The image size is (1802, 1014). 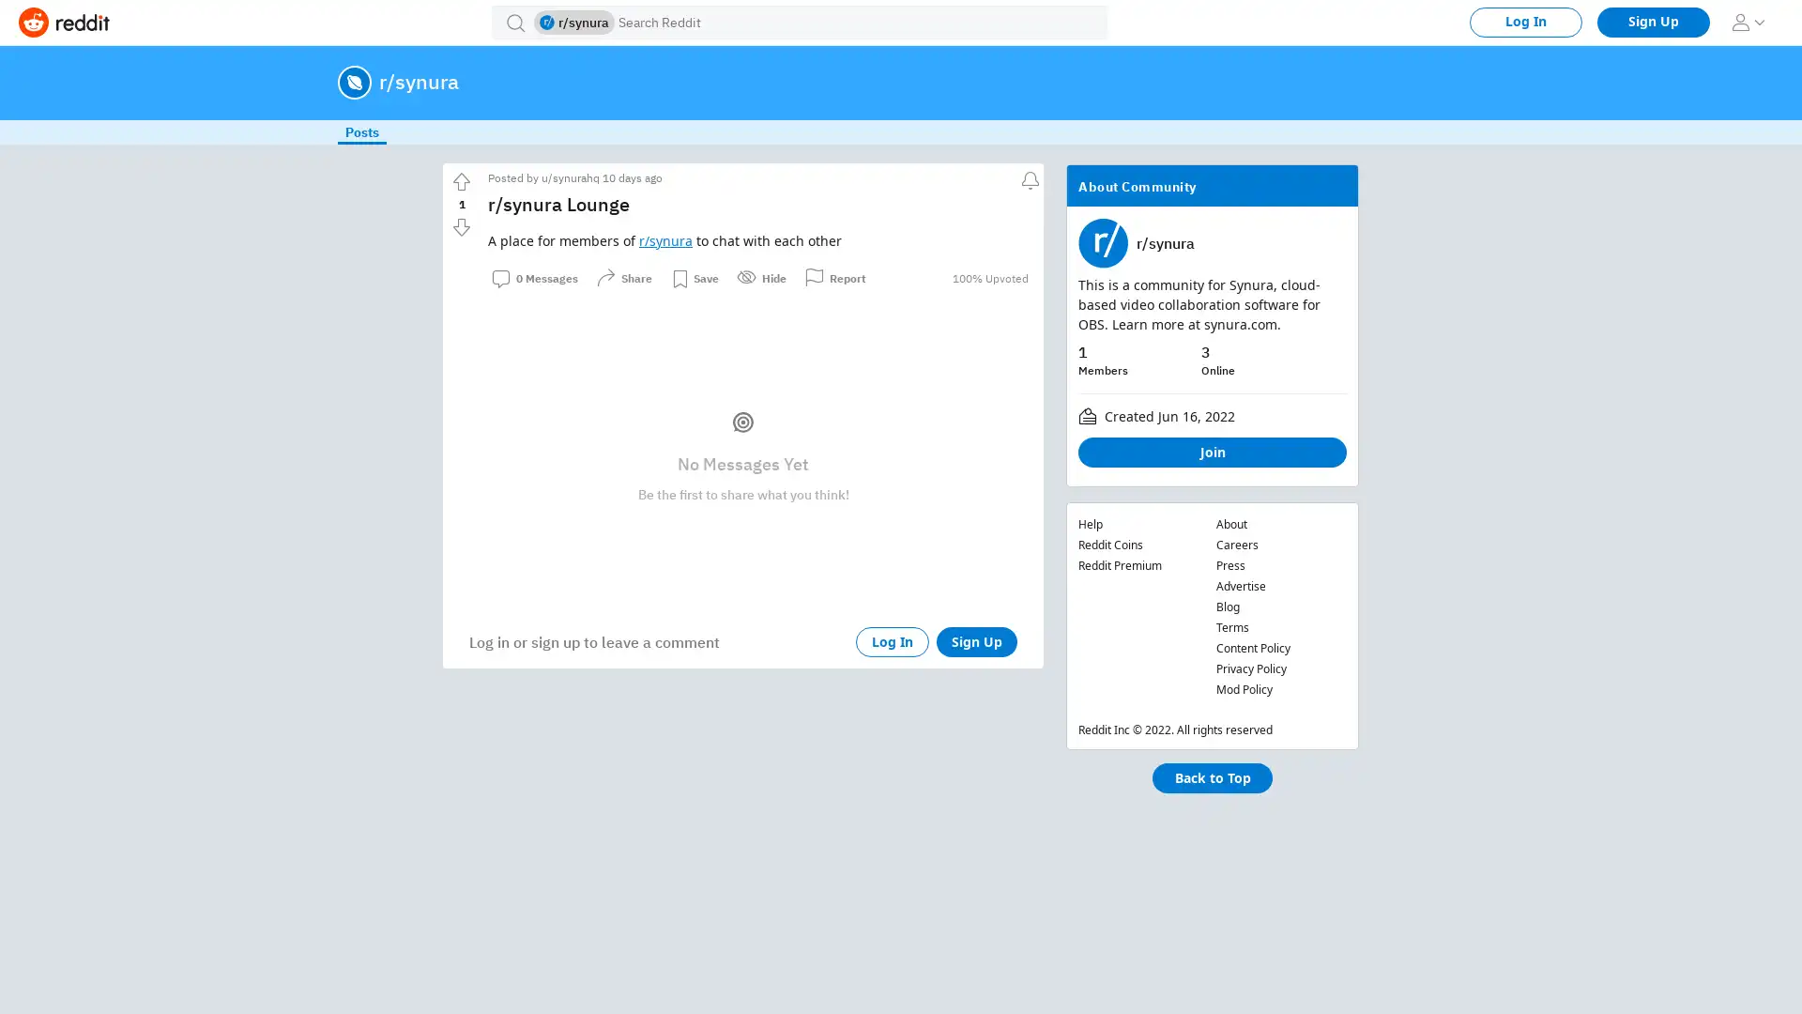 What do you see at coordinates (1212, 453) in the screenshot?
I see `Join` at bounding box center [1212, 453].